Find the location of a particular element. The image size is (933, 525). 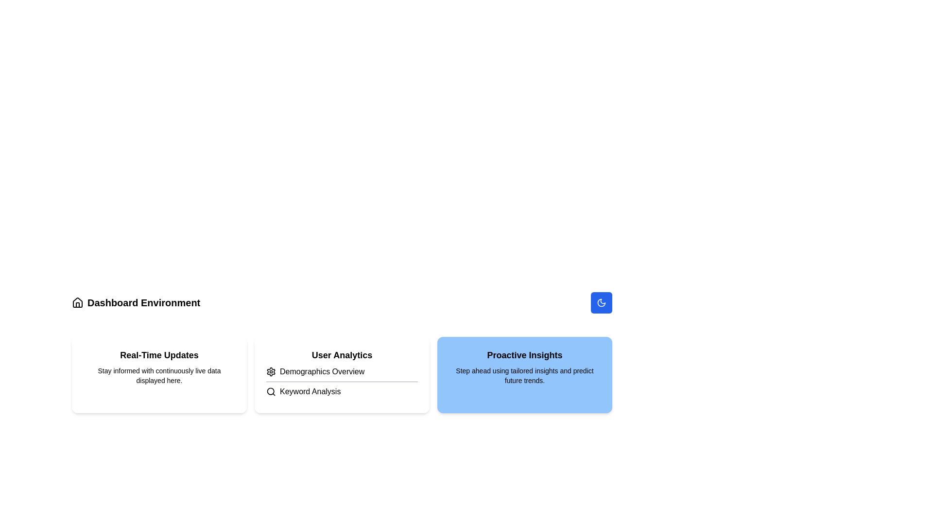

the cogwheel icon representing settings located to the left of the 'Demographics Overview' text in the 'User Analytics' section is located at coordinates (271, 371).